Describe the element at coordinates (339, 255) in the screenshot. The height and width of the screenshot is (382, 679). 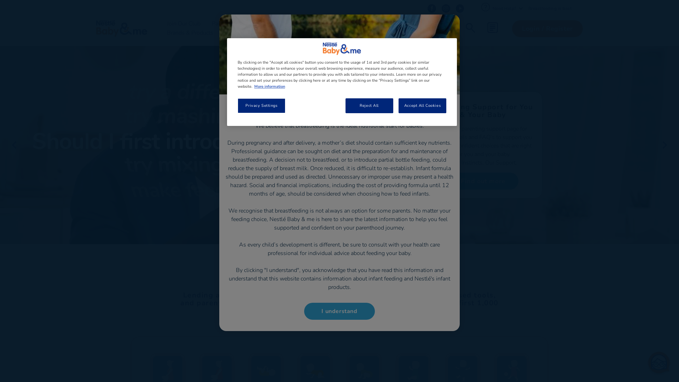
I see `'3'` at that location.